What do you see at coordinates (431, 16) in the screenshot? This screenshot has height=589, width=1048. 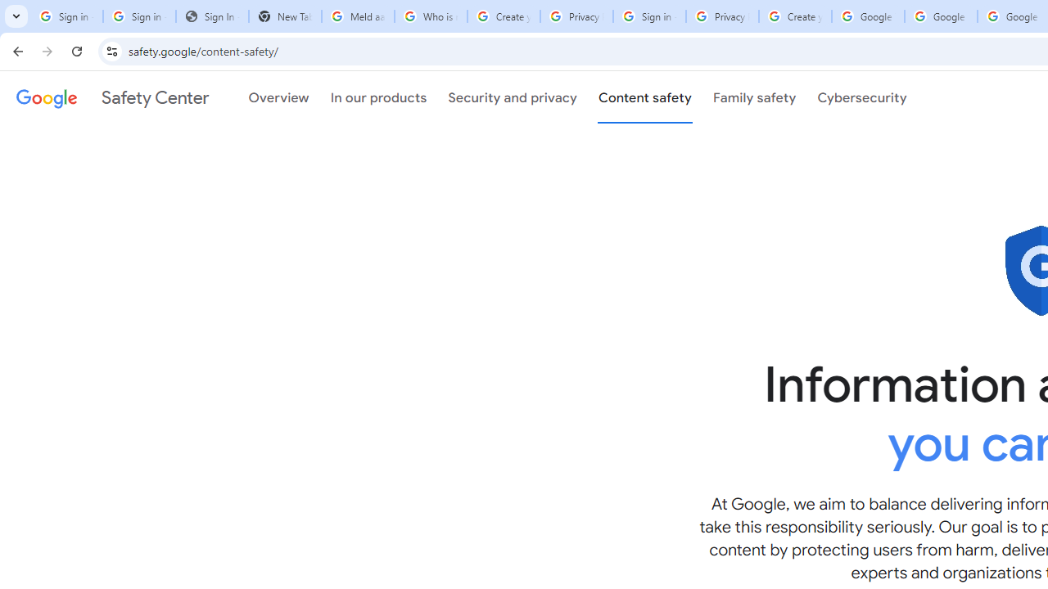 I see `'Who is my administrator? - Google Account Help'` at bounding box center [431, 16].